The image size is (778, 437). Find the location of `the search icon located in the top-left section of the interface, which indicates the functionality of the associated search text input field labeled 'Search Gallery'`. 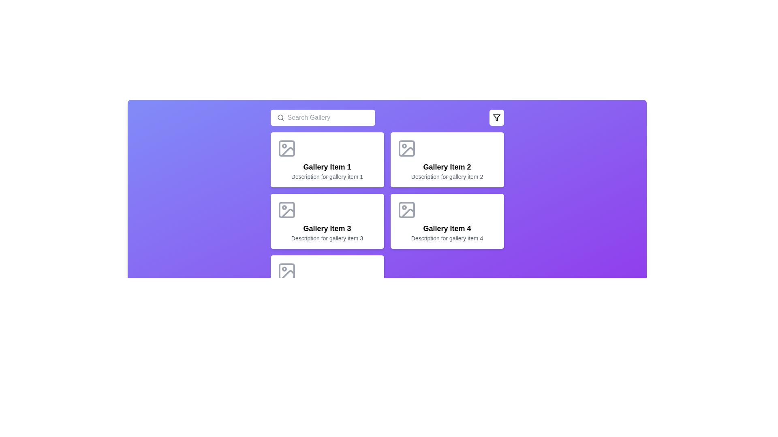

the search icon located in the top-left section of the interface, which indicates the functionality of the associated search text input field labeled 'Search Gallery' is located at coordinates (280, 117).